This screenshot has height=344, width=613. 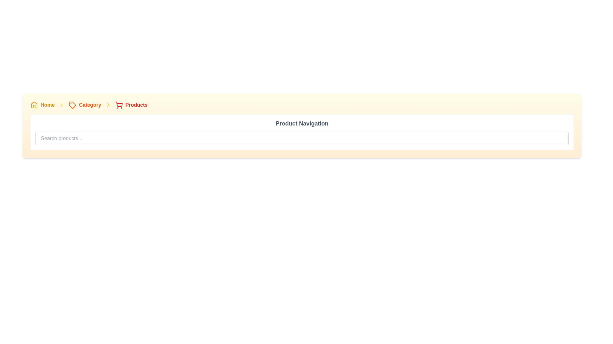 I want to click on label of the 'Products' breadcrumb navigation item, which is the third item in the breadcrumb trail located in the right-hand corner, so click(x=131, y=105).